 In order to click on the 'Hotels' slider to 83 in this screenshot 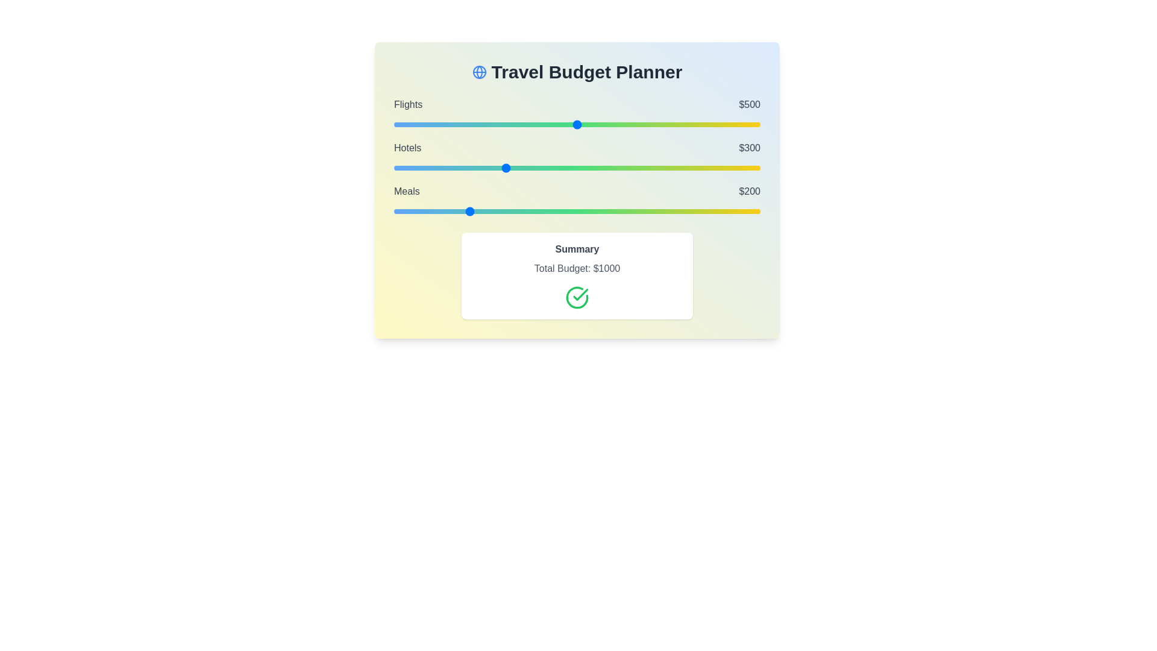, I will do `click(424, 168)`.